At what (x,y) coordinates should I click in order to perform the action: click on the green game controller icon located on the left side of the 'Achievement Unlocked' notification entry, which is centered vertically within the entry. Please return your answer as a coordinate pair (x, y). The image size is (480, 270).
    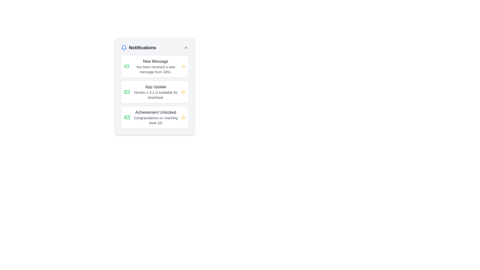
    Looking at the image, I should click on (127, 117).